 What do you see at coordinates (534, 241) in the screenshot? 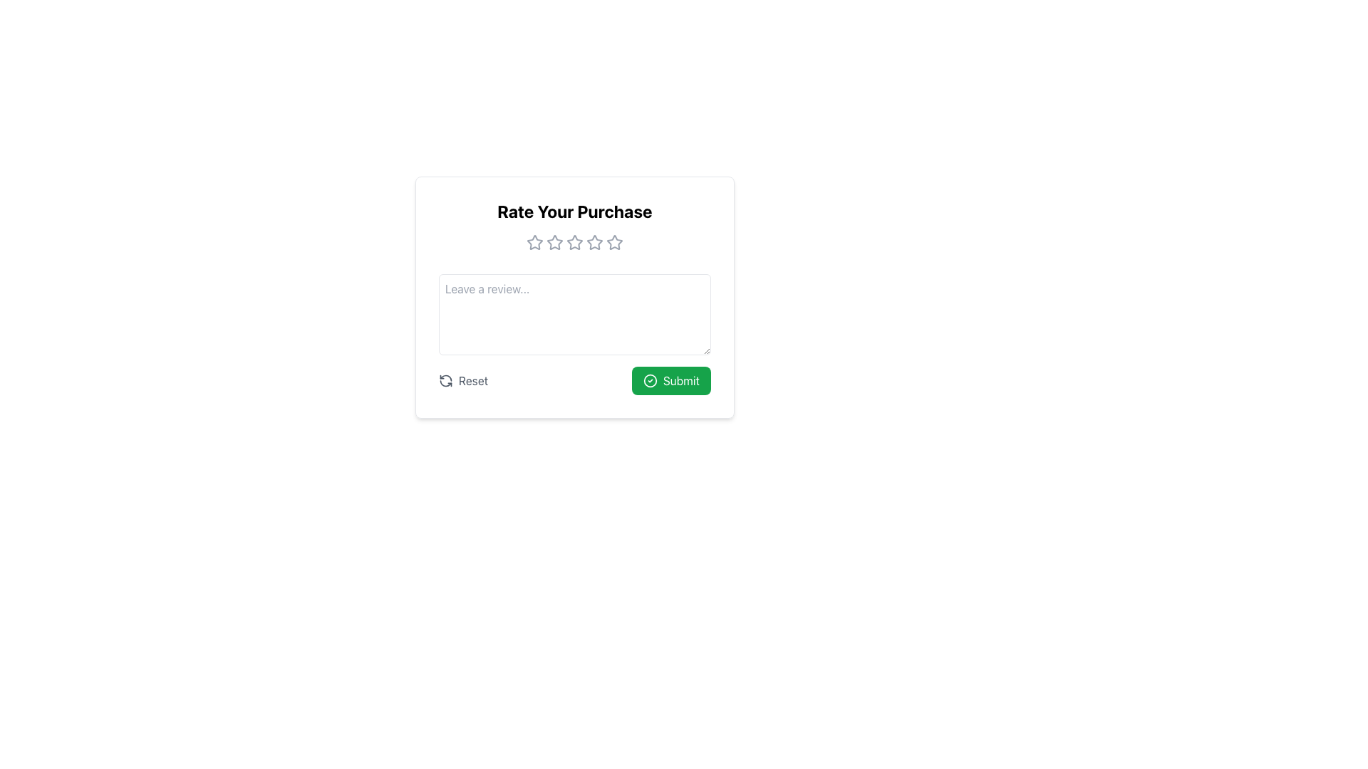
I see `the first star icon in the rating system to set the rating to one star, located above the 'Leave a review...' text box` at bounding box center [534, 241].